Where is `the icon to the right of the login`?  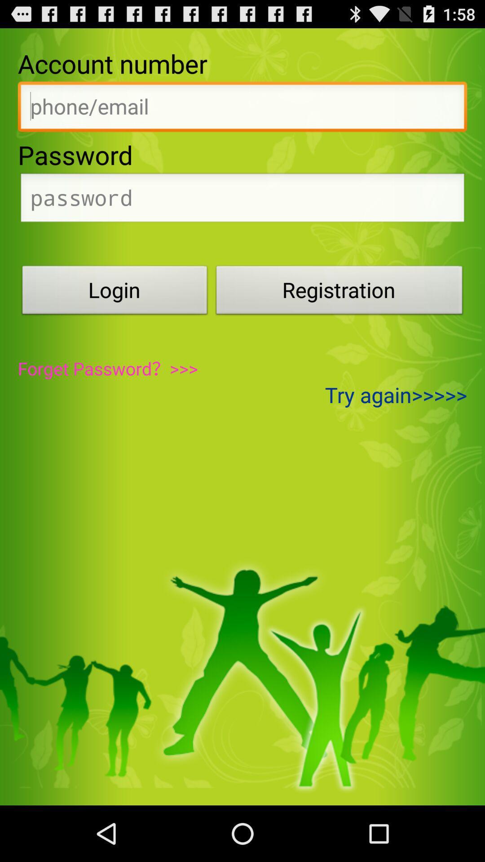
the icon to the right of the login is located at coordinates (339, 292).